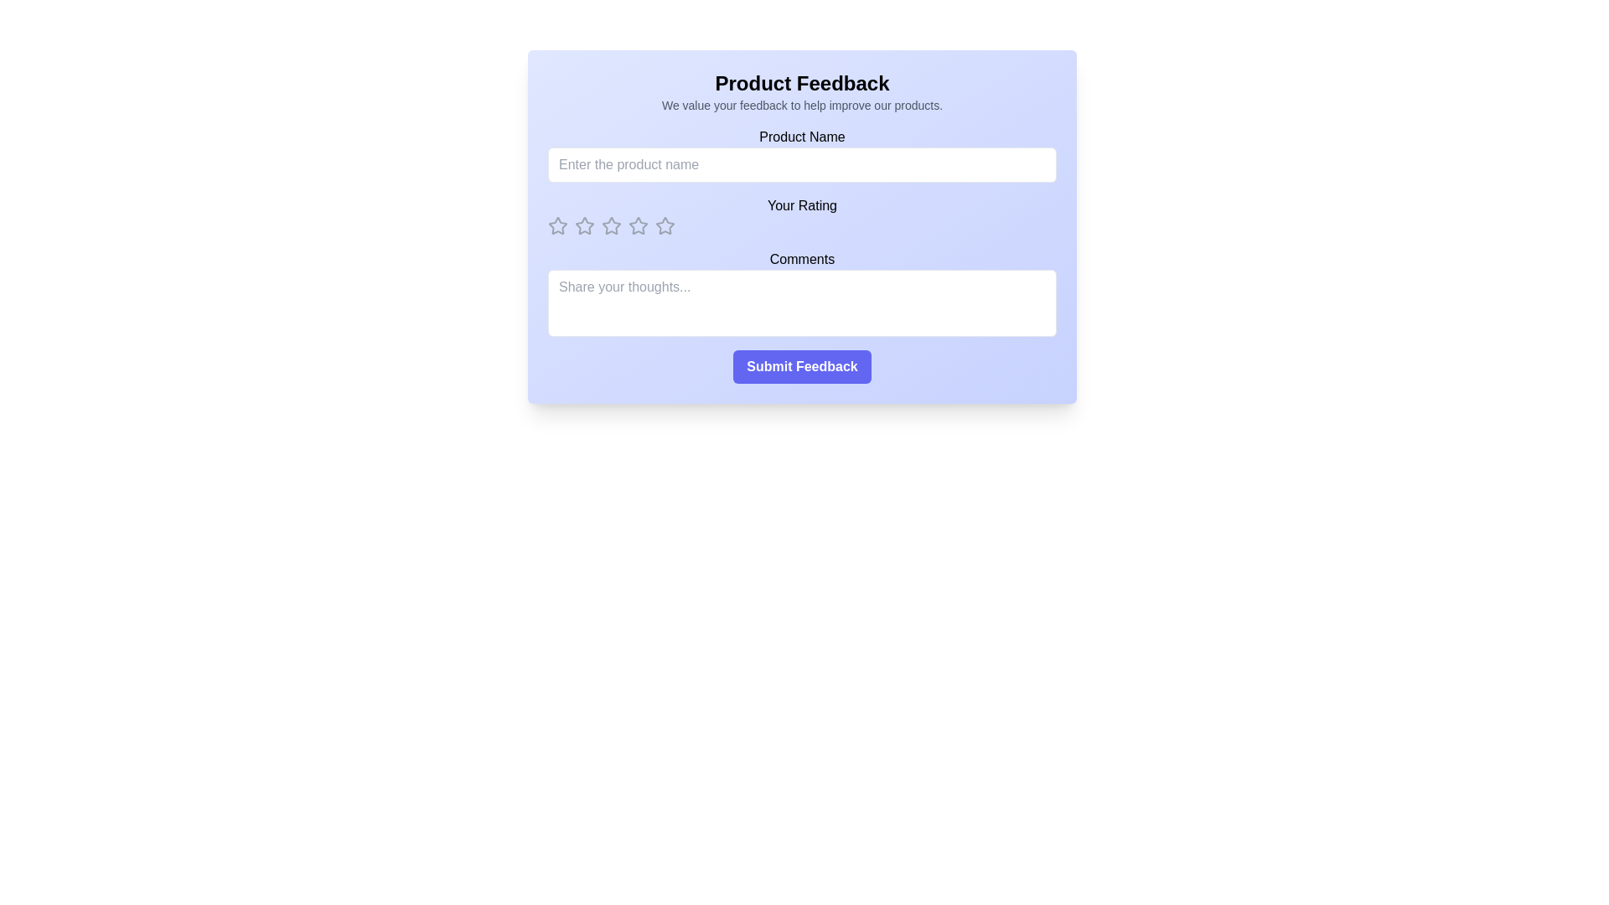 The image size is (1609, 905). What do you see at coordinates (584, 225) in the screenshot?
I see `the second star-shaped icon with a gray outline under the 'Your Rating' label to rate it` at bounding box center [584, 225].